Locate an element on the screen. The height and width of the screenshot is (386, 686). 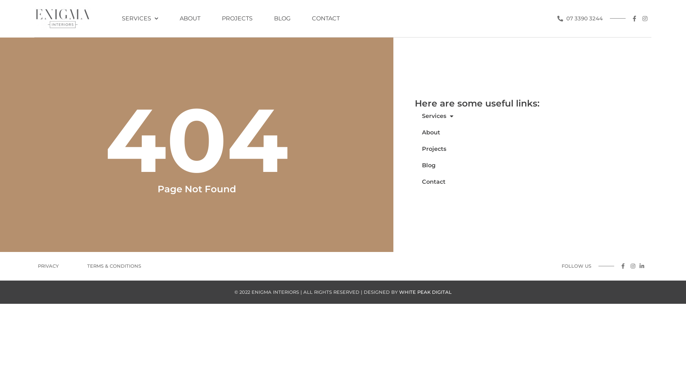
'CONTACT' is located at coordinates (325, 18).